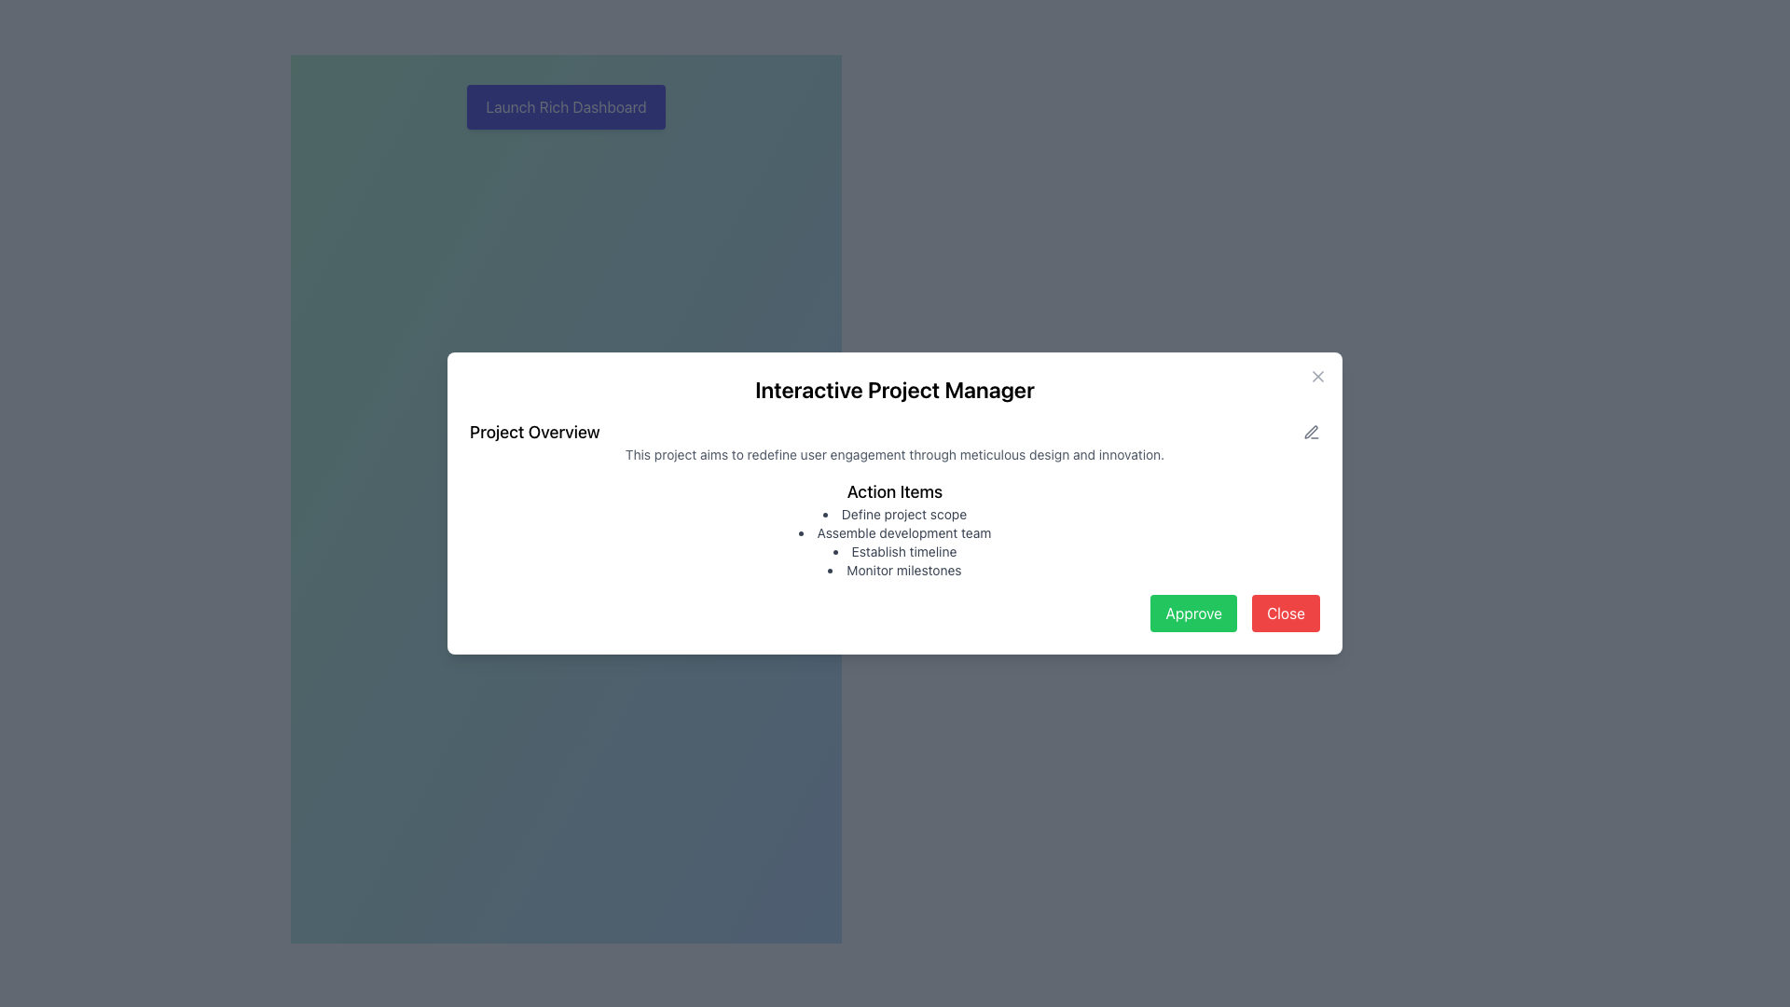 This screenshot has height=1007, width=1790. I want to click on the Text List located below the 'Action Items' heading in the central region of the interface, so click(895, 543).